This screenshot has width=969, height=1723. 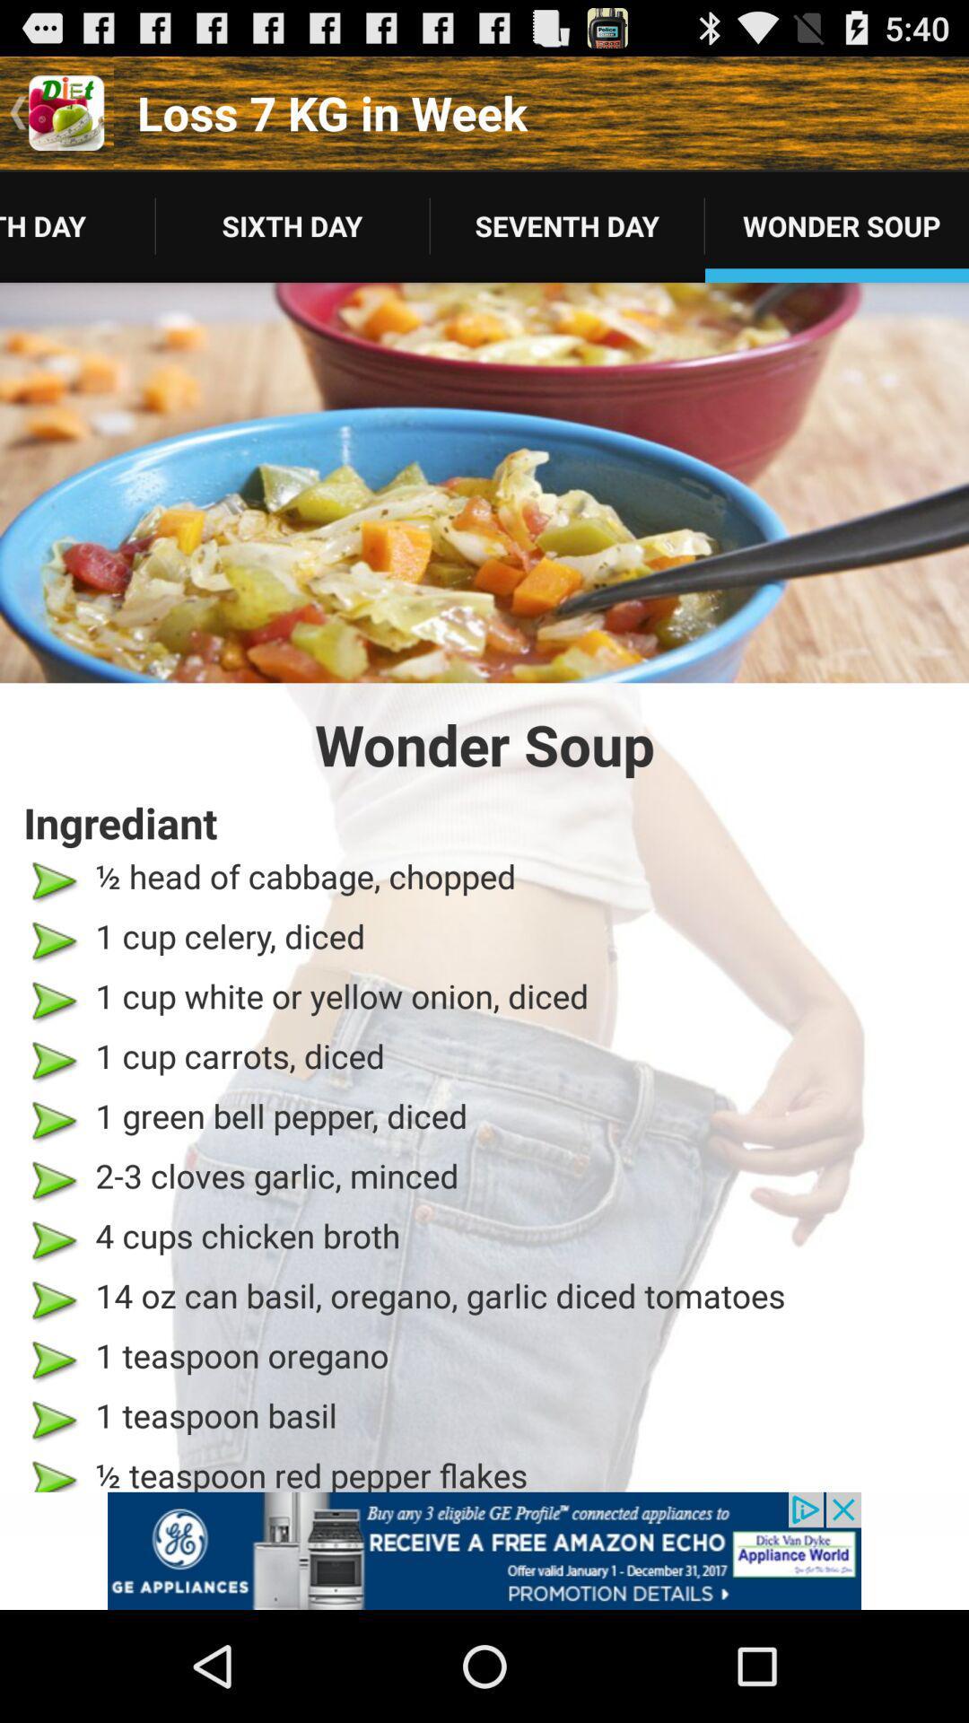 I want to click on the last arrow icon, so click(x=52, y=1471).